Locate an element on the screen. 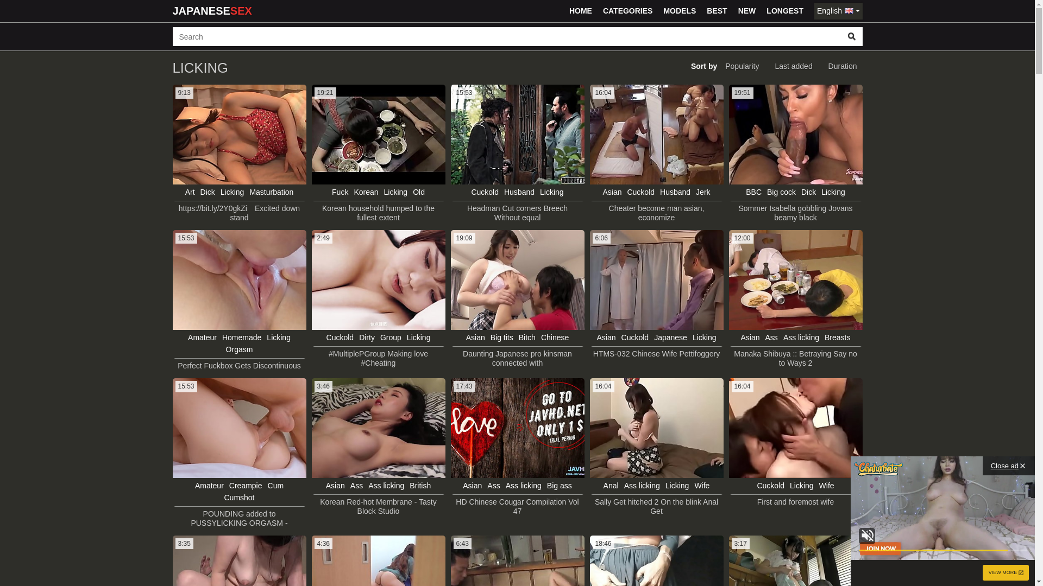 This screenshot has height=586, width=1043. 'POUNDING added to PUSSYLICKING ORGASM -' is located at coordinates (238, 518).